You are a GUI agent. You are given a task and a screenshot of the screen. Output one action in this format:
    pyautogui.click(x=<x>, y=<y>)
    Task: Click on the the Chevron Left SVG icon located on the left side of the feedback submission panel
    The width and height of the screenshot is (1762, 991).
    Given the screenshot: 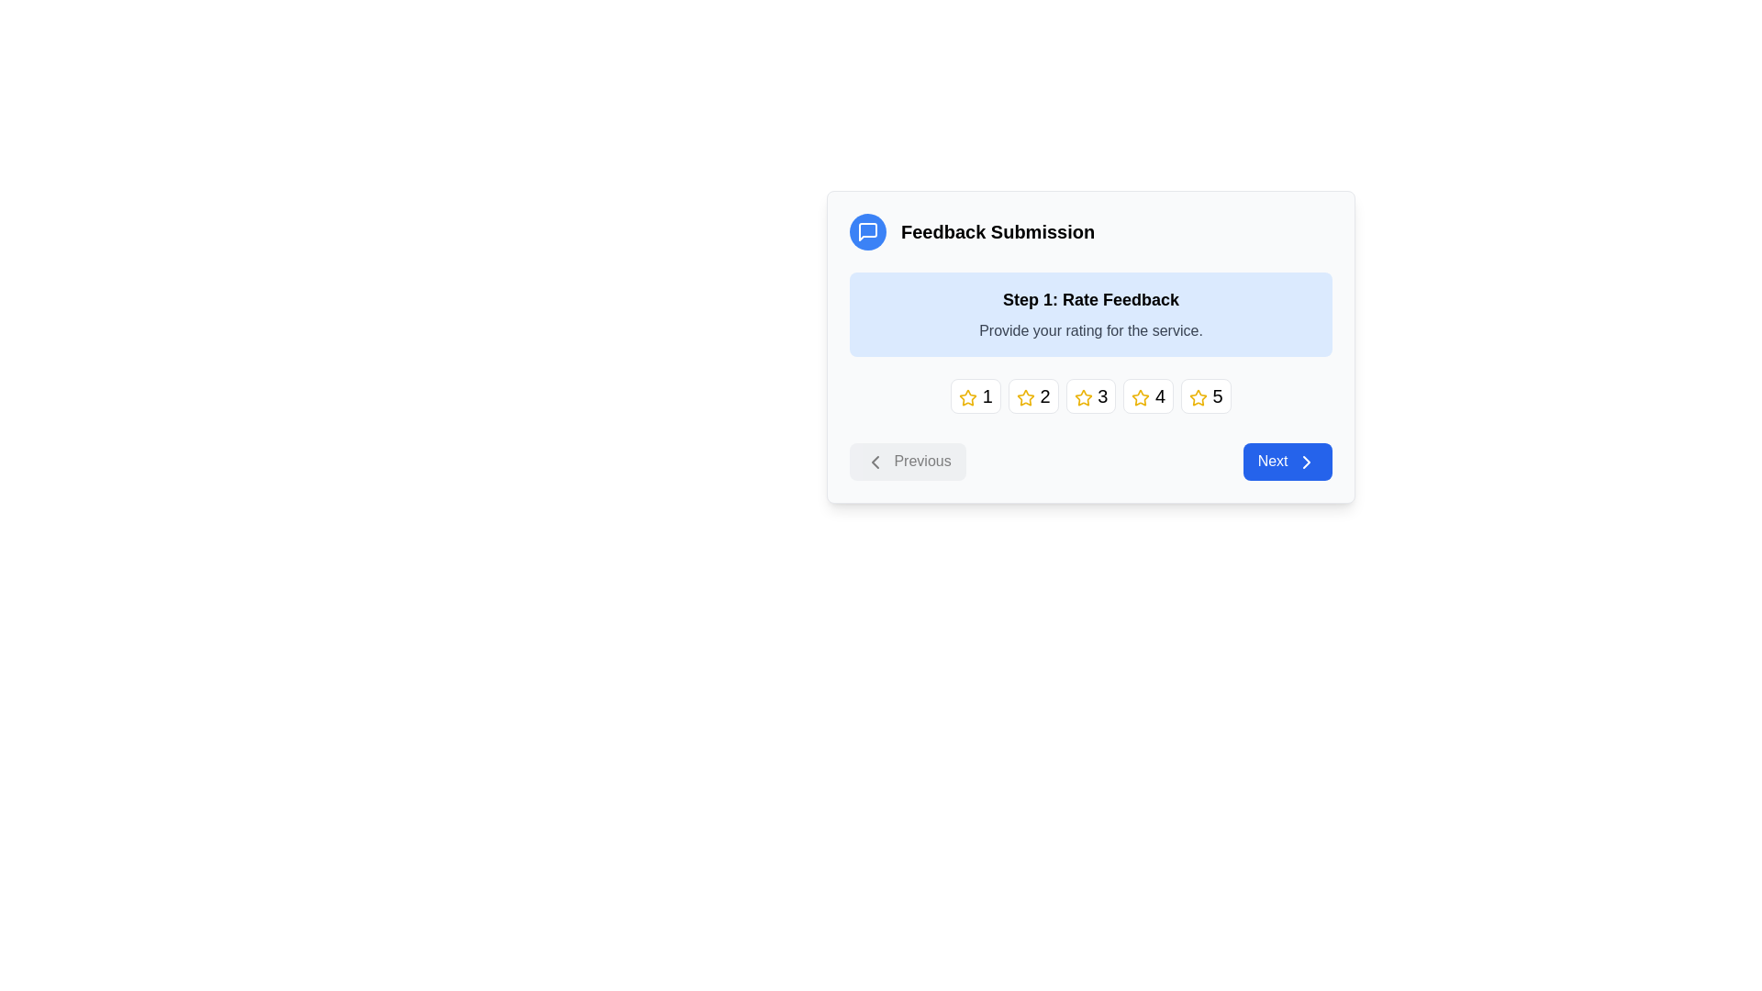 What is the action you would take?
    pyautogui.click(x=875, y=460)
    